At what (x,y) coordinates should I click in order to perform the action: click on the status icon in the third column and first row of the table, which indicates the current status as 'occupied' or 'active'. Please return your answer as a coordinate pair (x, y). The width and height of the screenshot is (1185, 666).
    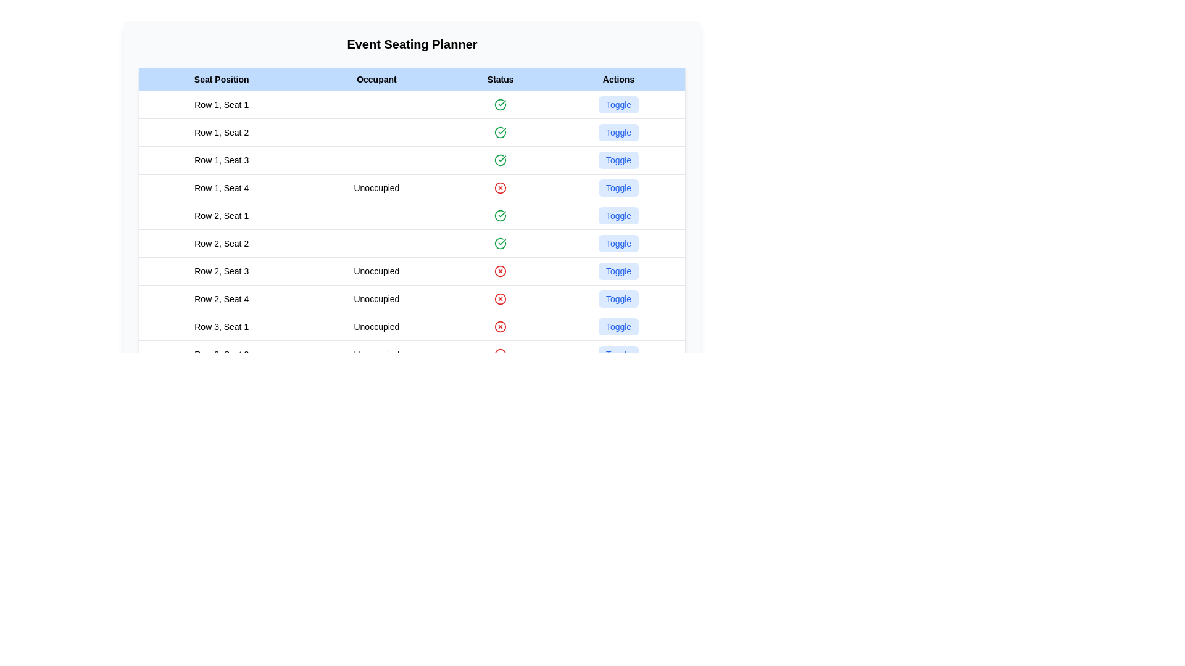
    Looking at the image, I should click on (501, 104).